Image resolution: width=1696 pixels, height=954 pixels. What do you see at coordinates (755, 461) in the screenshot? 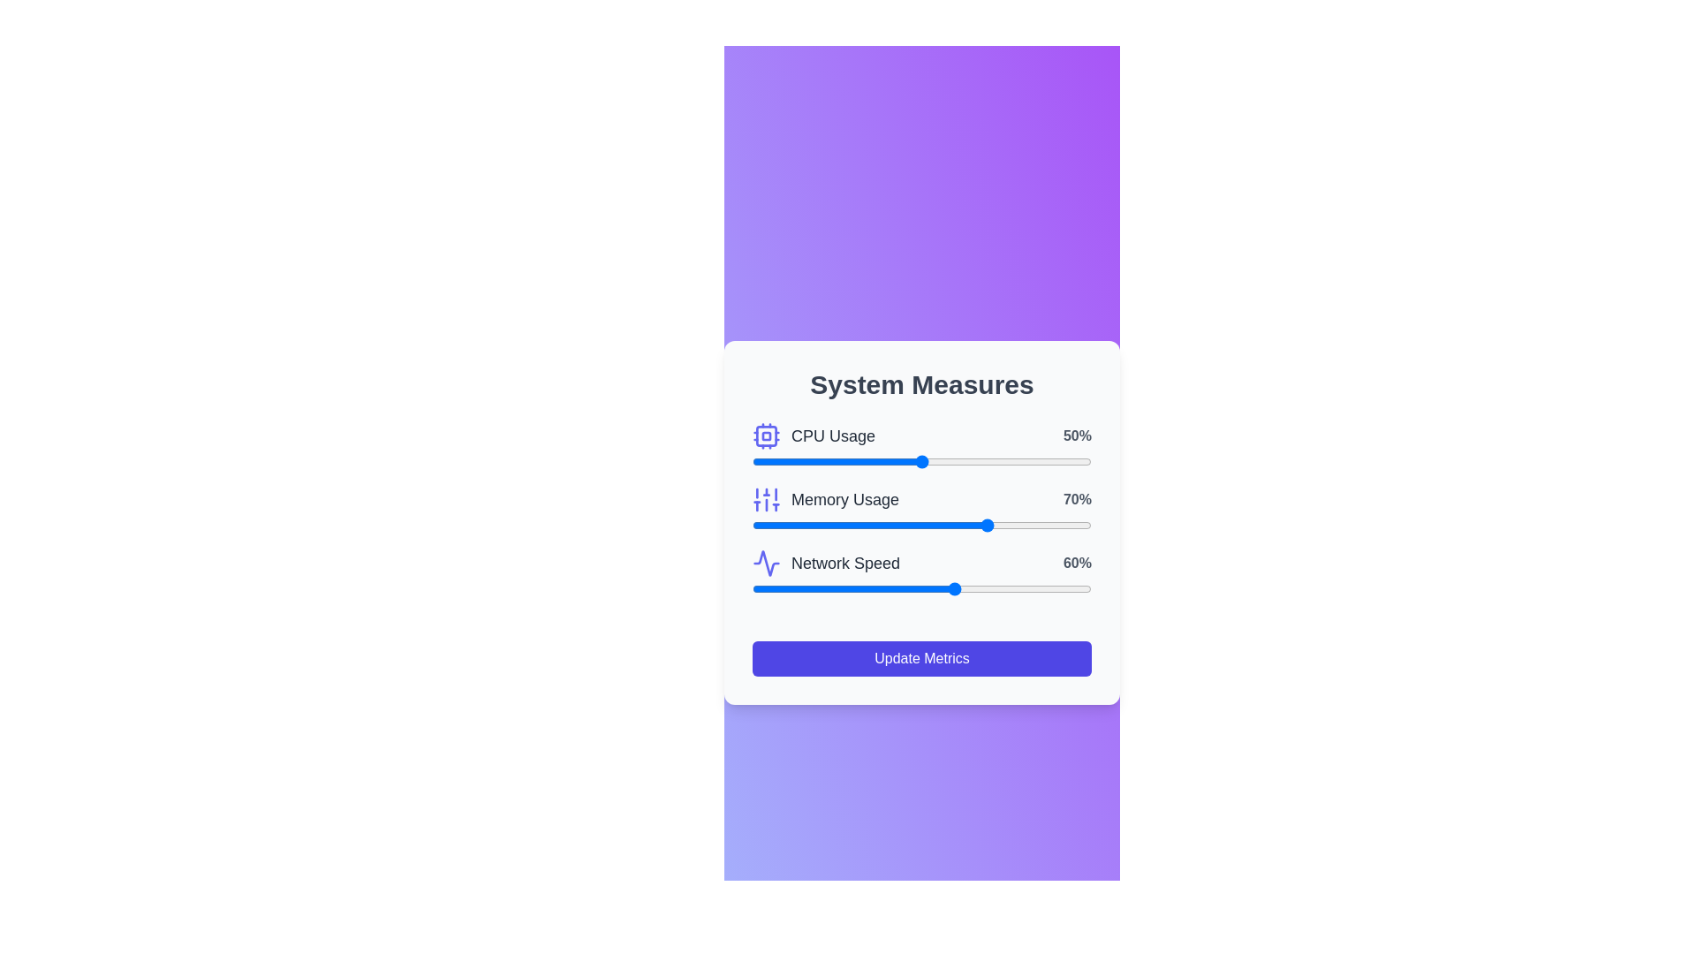
I see `the CPU Usage slider to set the usage to 1%` at bounding box center [755, 461].